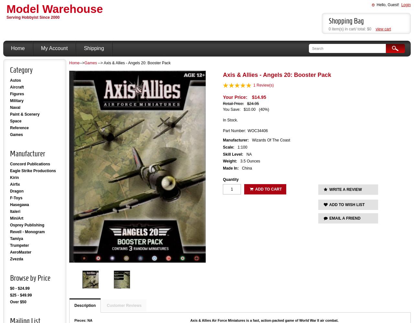 The image size is (414, 323). What do you see at coordinates (271, 140) in the screenshot?
I see `'Wizards Of The Coast'` at bounding box center [271, 140].